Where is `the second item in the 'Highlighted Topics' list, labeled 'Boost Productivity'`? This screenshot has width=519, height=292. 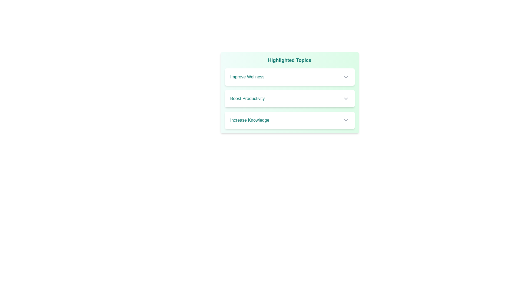
the second item in the 'Highlighted Topics' list, labeled 'Boost Productivity' is located at coordinates (289, 92).